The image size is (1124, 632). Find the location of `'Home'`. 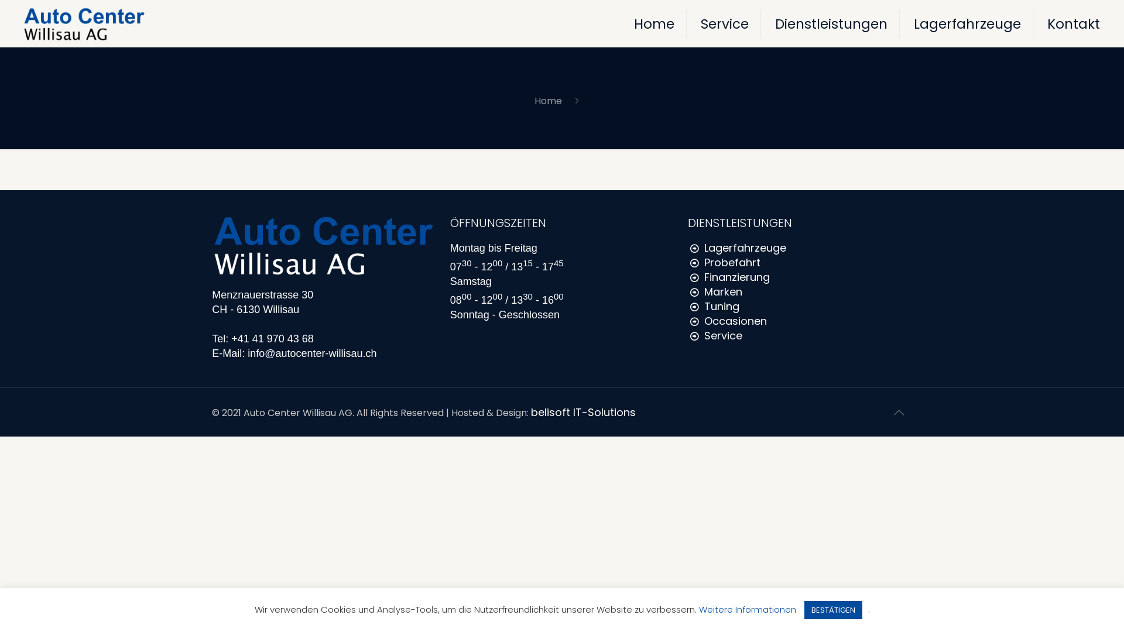

'Home' is located at coordinates (547, 100).